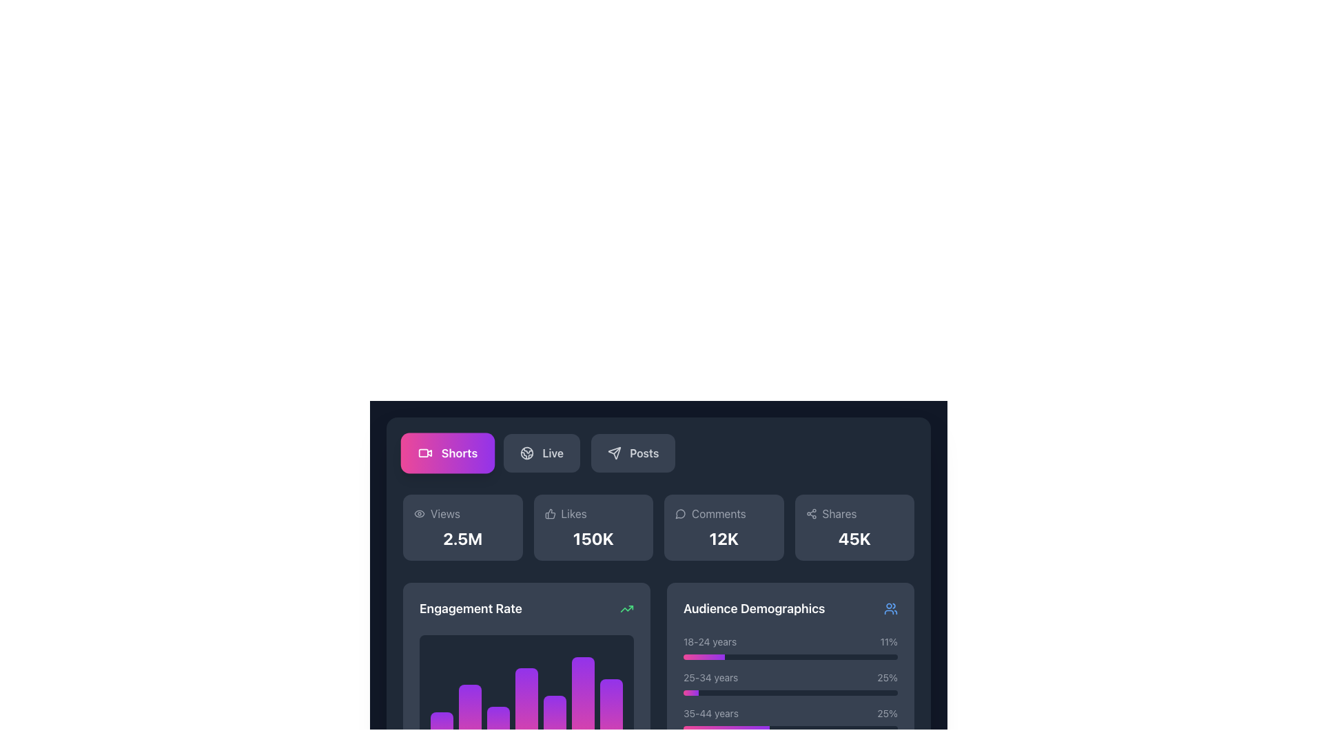  Describe the element at coordinates (790, 608) in the screenshot. I see `the 'Audience Demographics' label which is styled with a bold white font on a dark background, positioned at the top center of the section panel, adjacent to a small blue icon` at that location.